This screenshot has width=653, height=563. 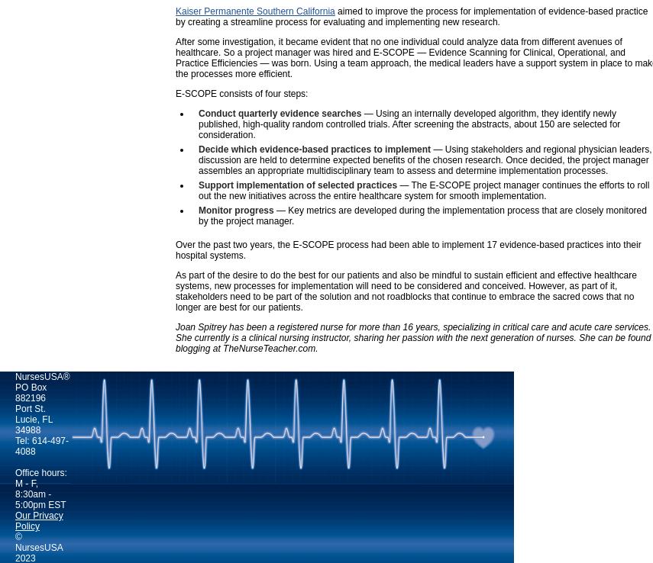 What do you see at coordinates (425, 160) in the screenshot?
I see `'— Using stakeholders and regional physician leaders, discussion are held to determine expected benefits of the chosen research. Once decided, the project manager assembles an appropriate multidisciplinary team to assess and determine implementation processes.'` at bounding box center [425, 160].